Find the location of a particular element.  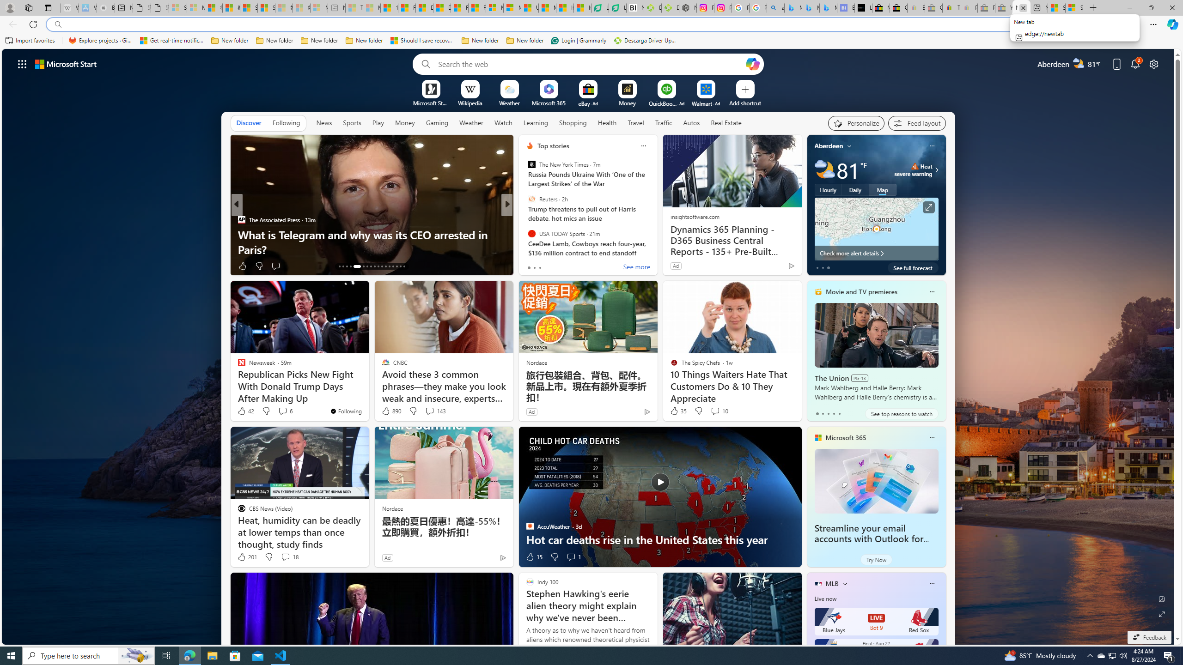

'See more' is located at coordinates (636, 267).